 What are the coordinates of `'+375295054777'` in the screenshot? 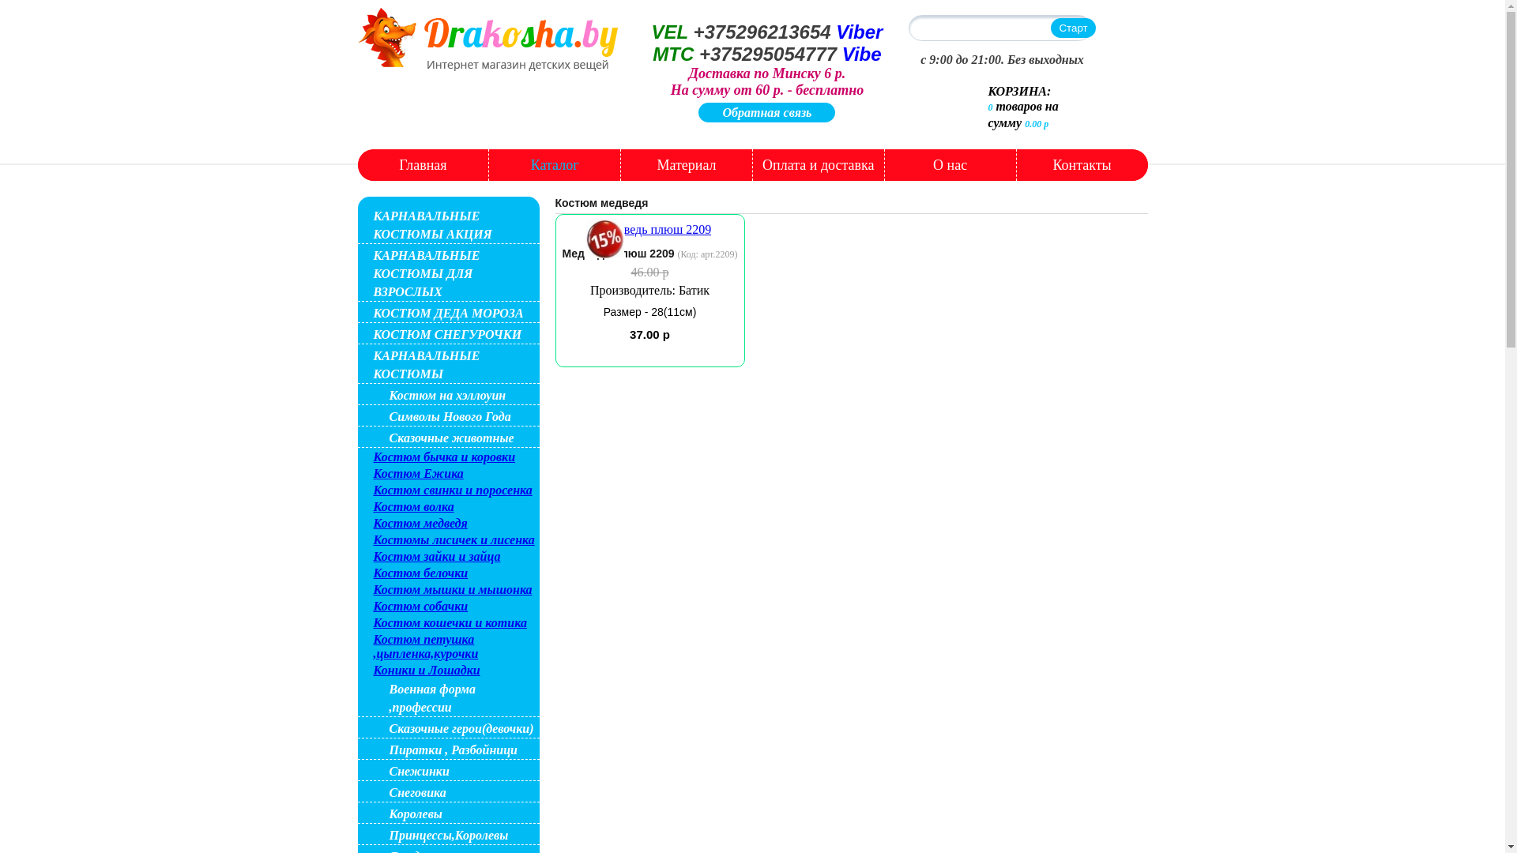 It's located at (770, 53).